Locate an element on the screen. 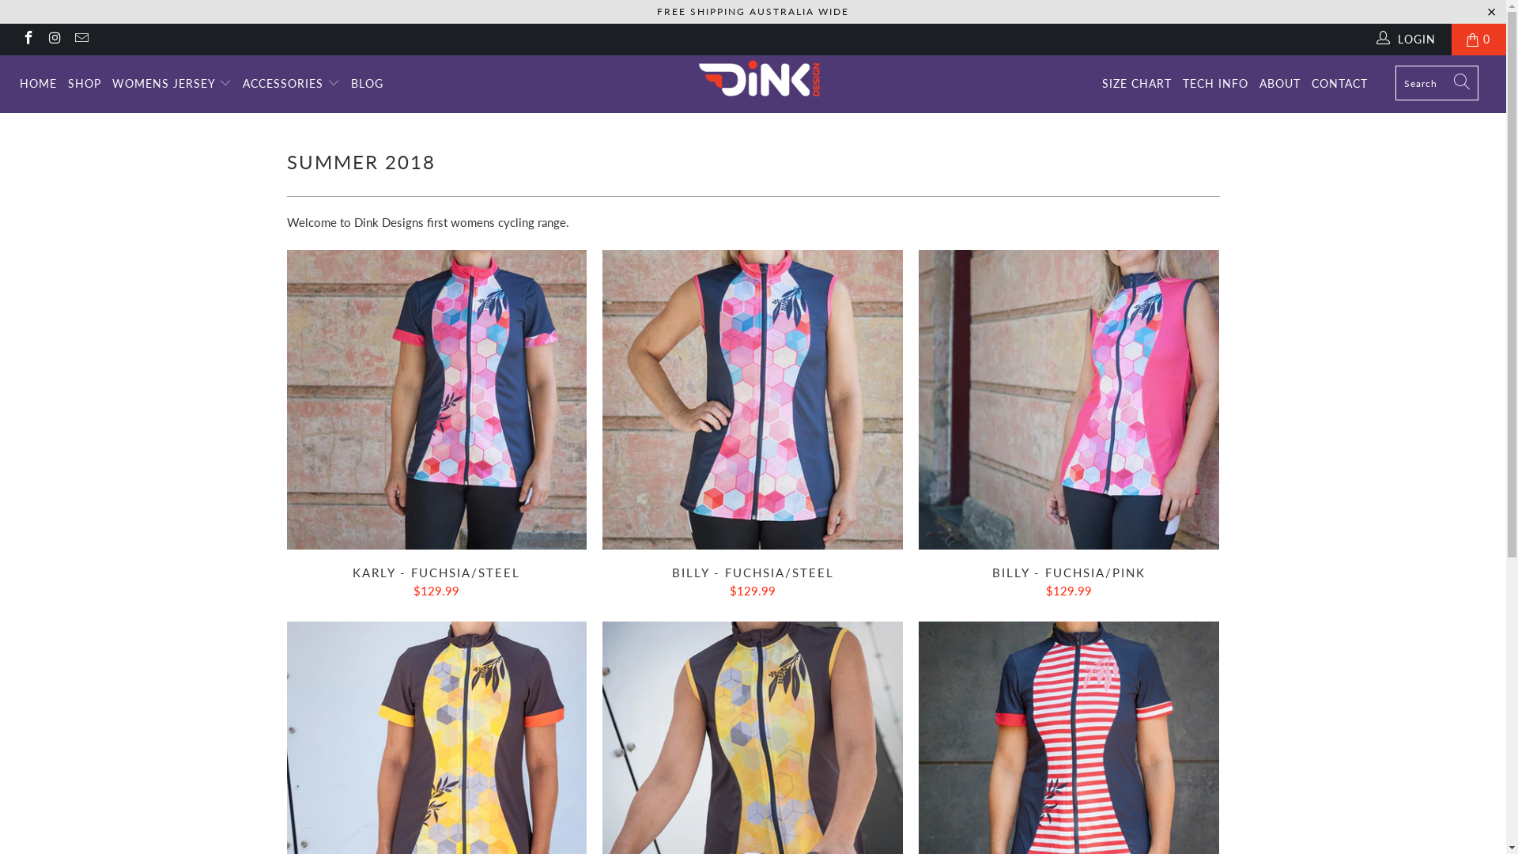  'SHOP' is located at coordinates (83, 84).